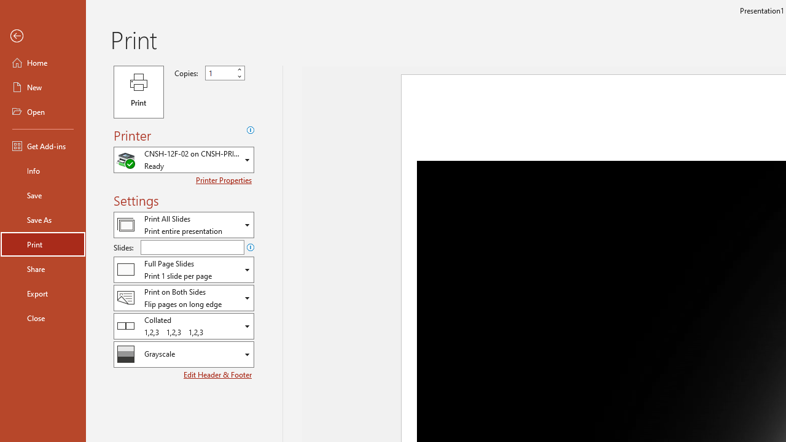  Describe the element at coordinates (239, 69) in the screenshot. I see `'More'` at that location.